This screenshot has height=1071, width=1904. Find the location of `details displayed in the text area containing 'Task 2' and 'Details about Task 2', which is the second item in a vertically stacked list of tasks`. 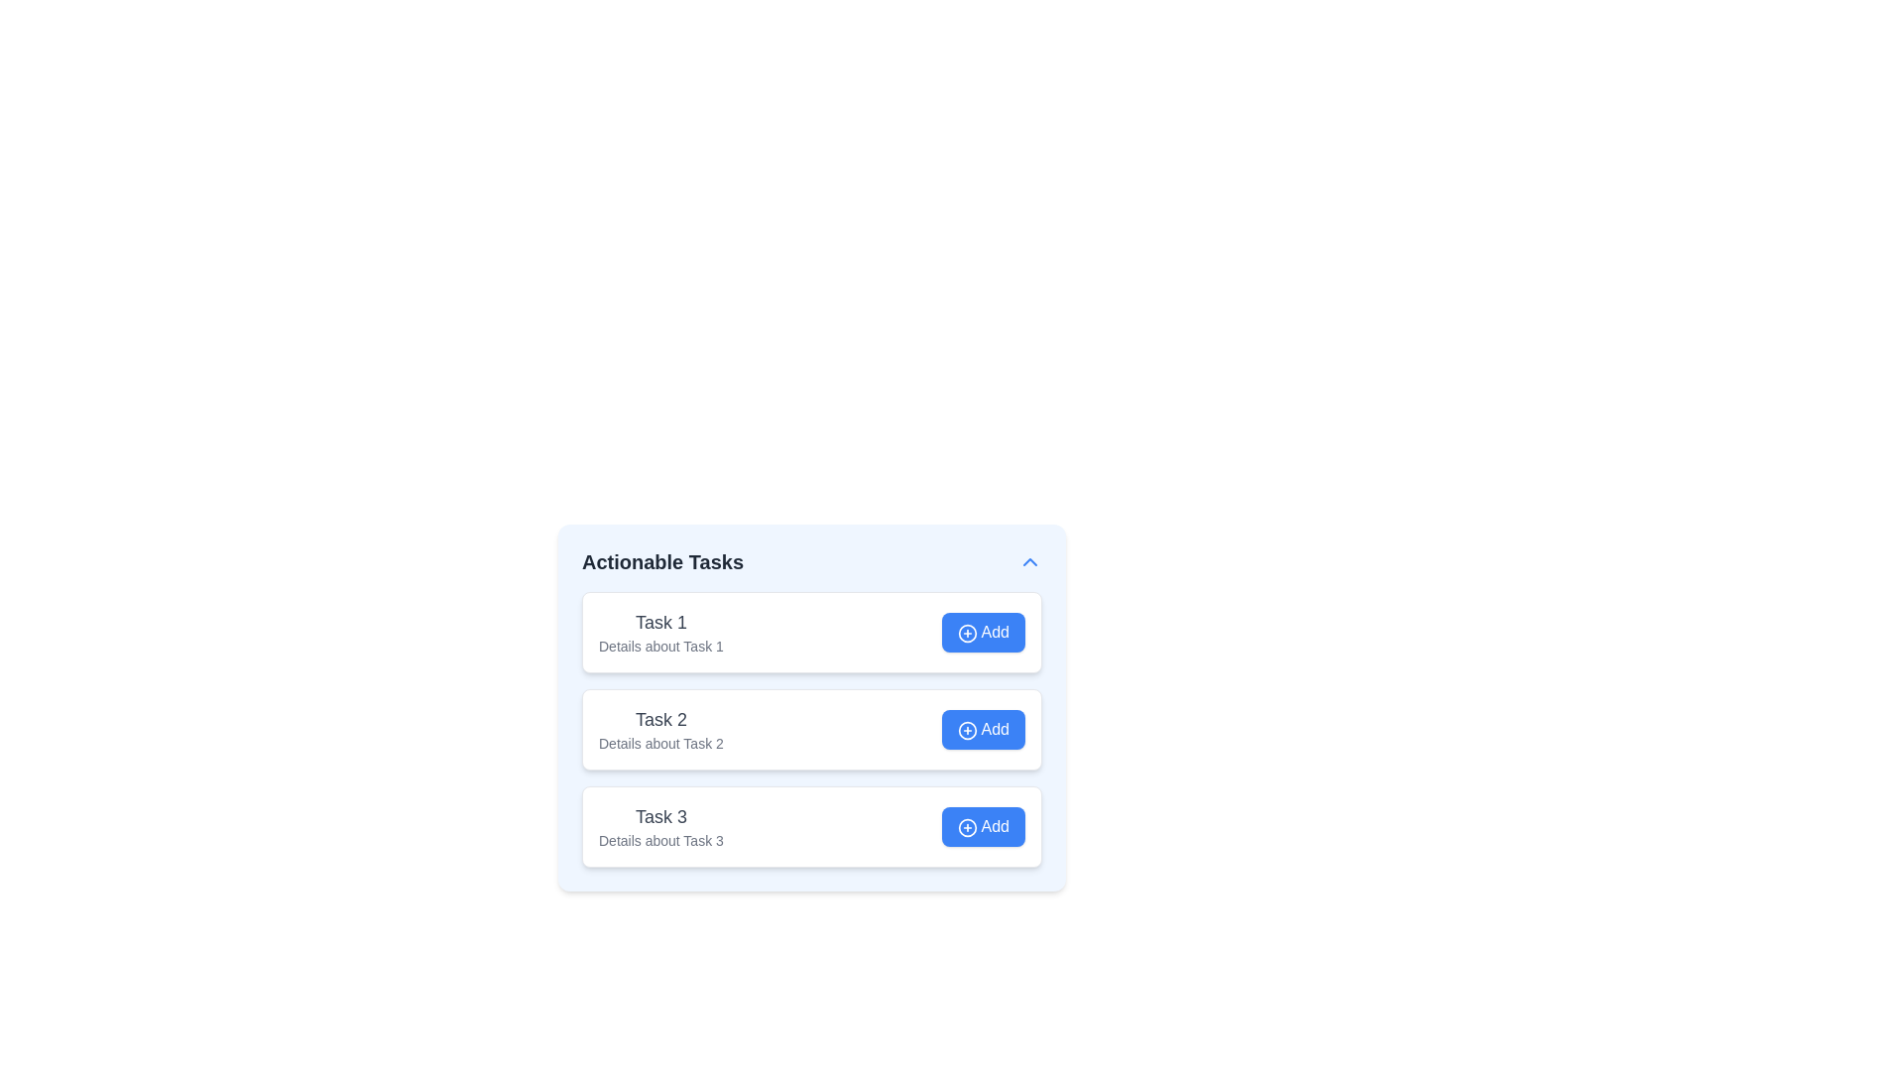

details displayed in the text area containing 'Task 2' and 'Details about Task 2', which is the second item in a vertically stacked list of tasks is located at coordinates (660, 730).